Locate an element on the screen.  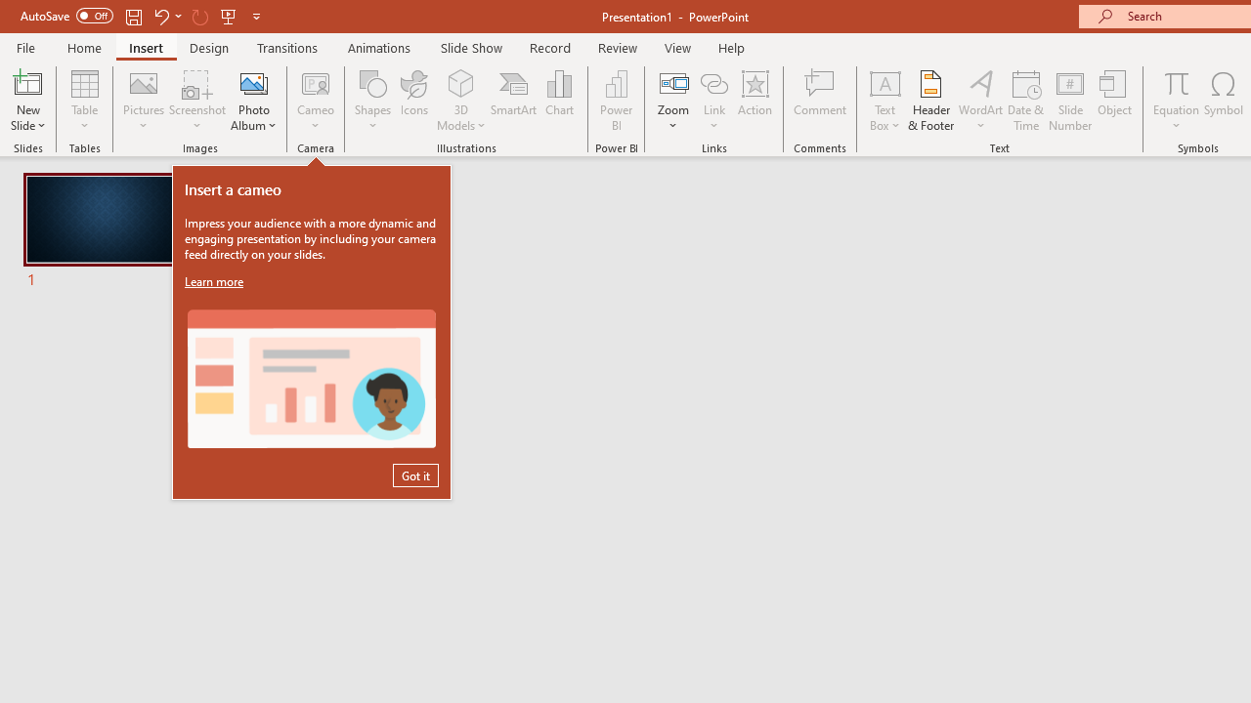
'Table' is located at coordinates (84, 101).